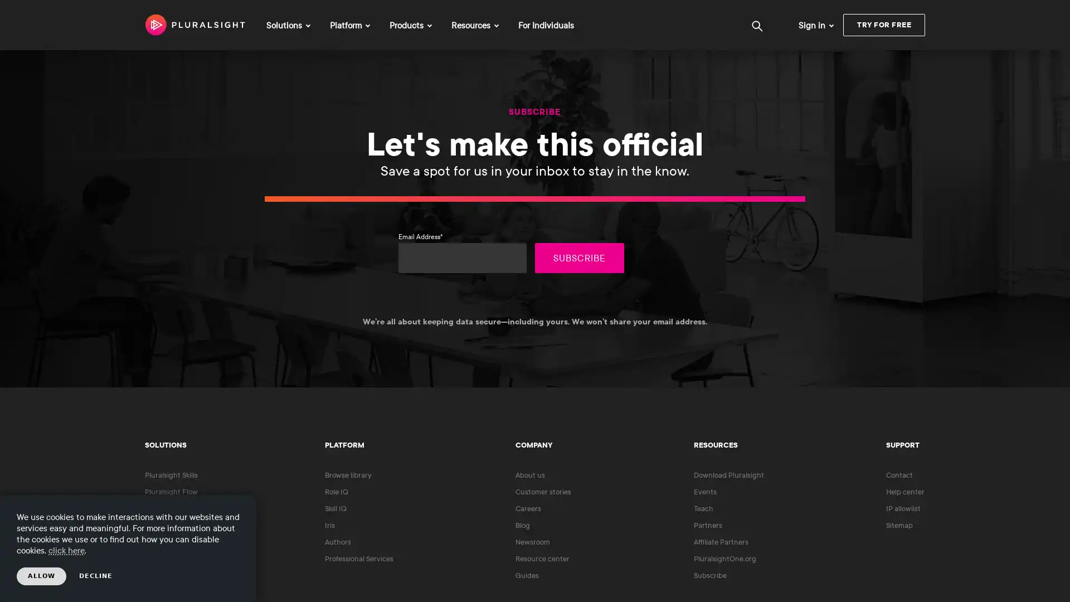 The image size is (1070, 602). What do you see at coordinates (580, 258) in the screenshot?
I see `SUBSCRIBE` at bounding box center [580, 258].